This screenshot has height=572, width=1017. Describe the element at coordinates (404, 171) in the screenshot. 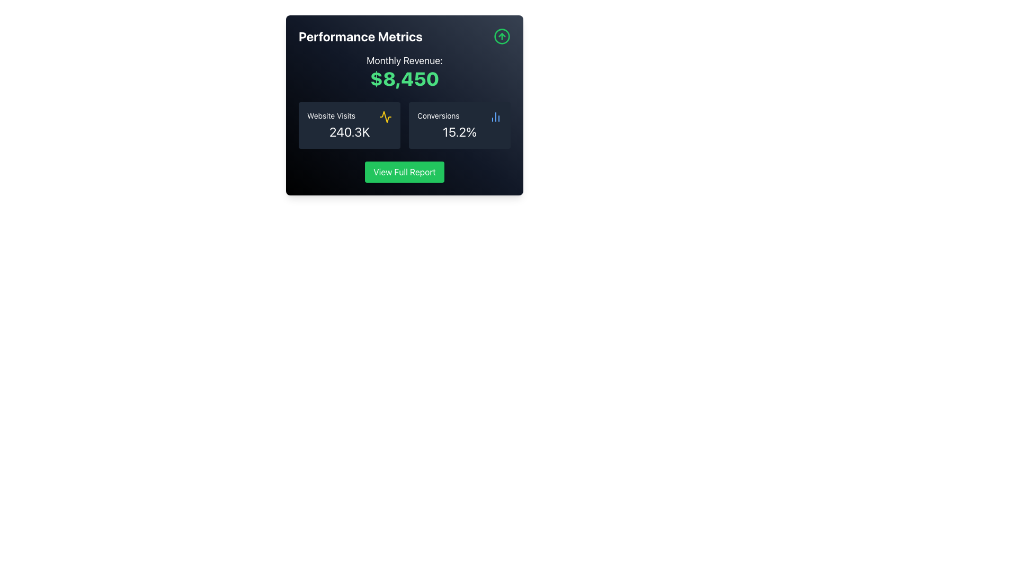

I see `the button located centrally beneath the main performance metrics section` at that location.